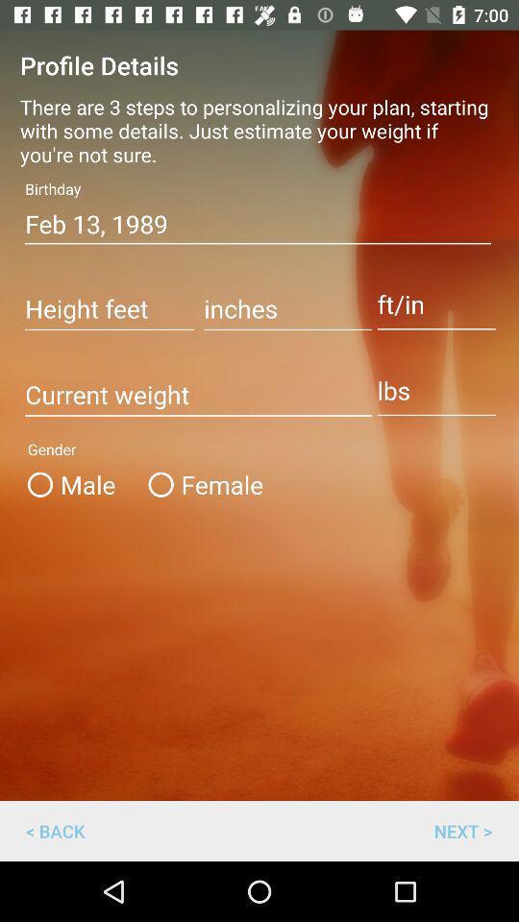 This screenshot has height=922, width=519. I want to click on < back item, so click(55, 830).